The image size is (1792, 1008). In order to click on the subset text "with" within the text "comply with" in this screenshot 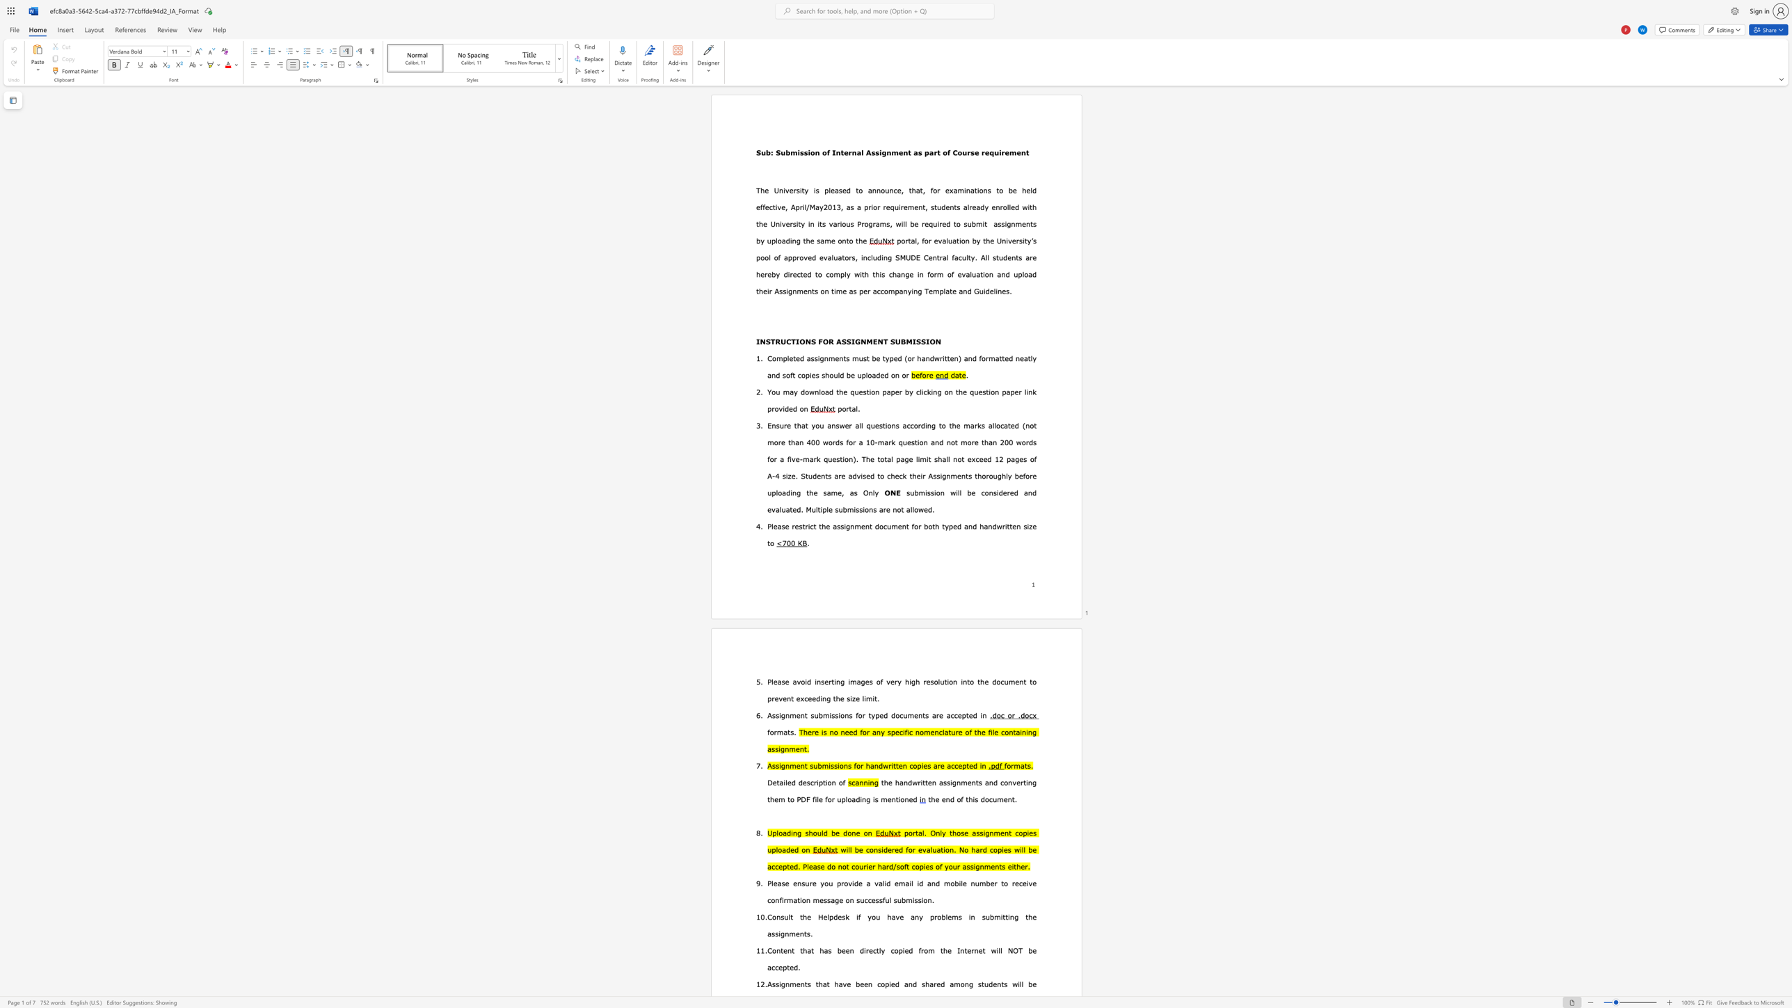, I will do `click(854, 274)`.